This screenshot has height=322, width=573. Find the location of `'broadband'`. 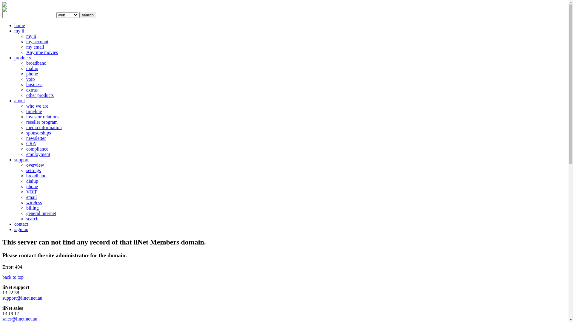

'broadband' is located at coordinates (36, 175).